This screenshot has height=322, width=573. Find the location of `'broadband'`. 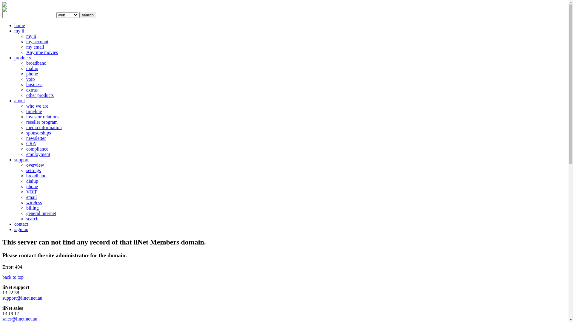

'broadband' is located at coordinates (36, 175).